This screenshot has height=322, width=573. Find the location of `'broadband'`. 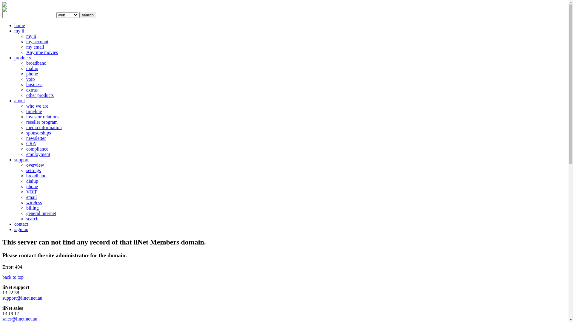

'broadband' is located at coordinates (36, 175).